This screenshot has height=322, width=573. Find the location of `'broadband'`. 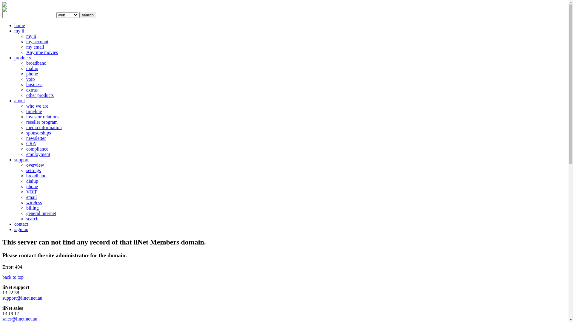

'broadband' is located at coordinates (36, 175).